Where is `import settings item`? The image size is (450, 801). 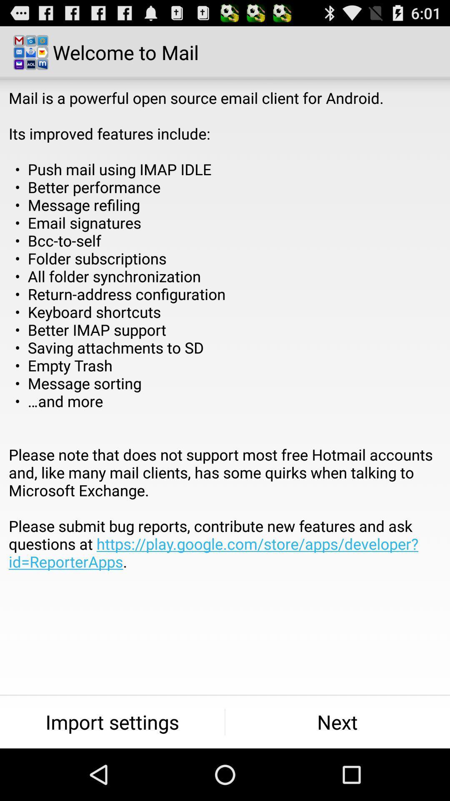
import settings item is located at coordinates (112, 722).